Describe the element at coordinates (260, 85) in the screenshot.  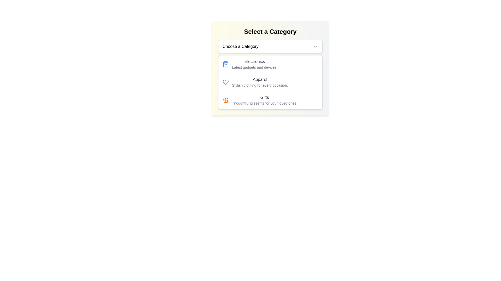
I see `the subtext 'Stylish clothing for every occasion.' located below the 'Apparel' label in the category selection list` at that location.